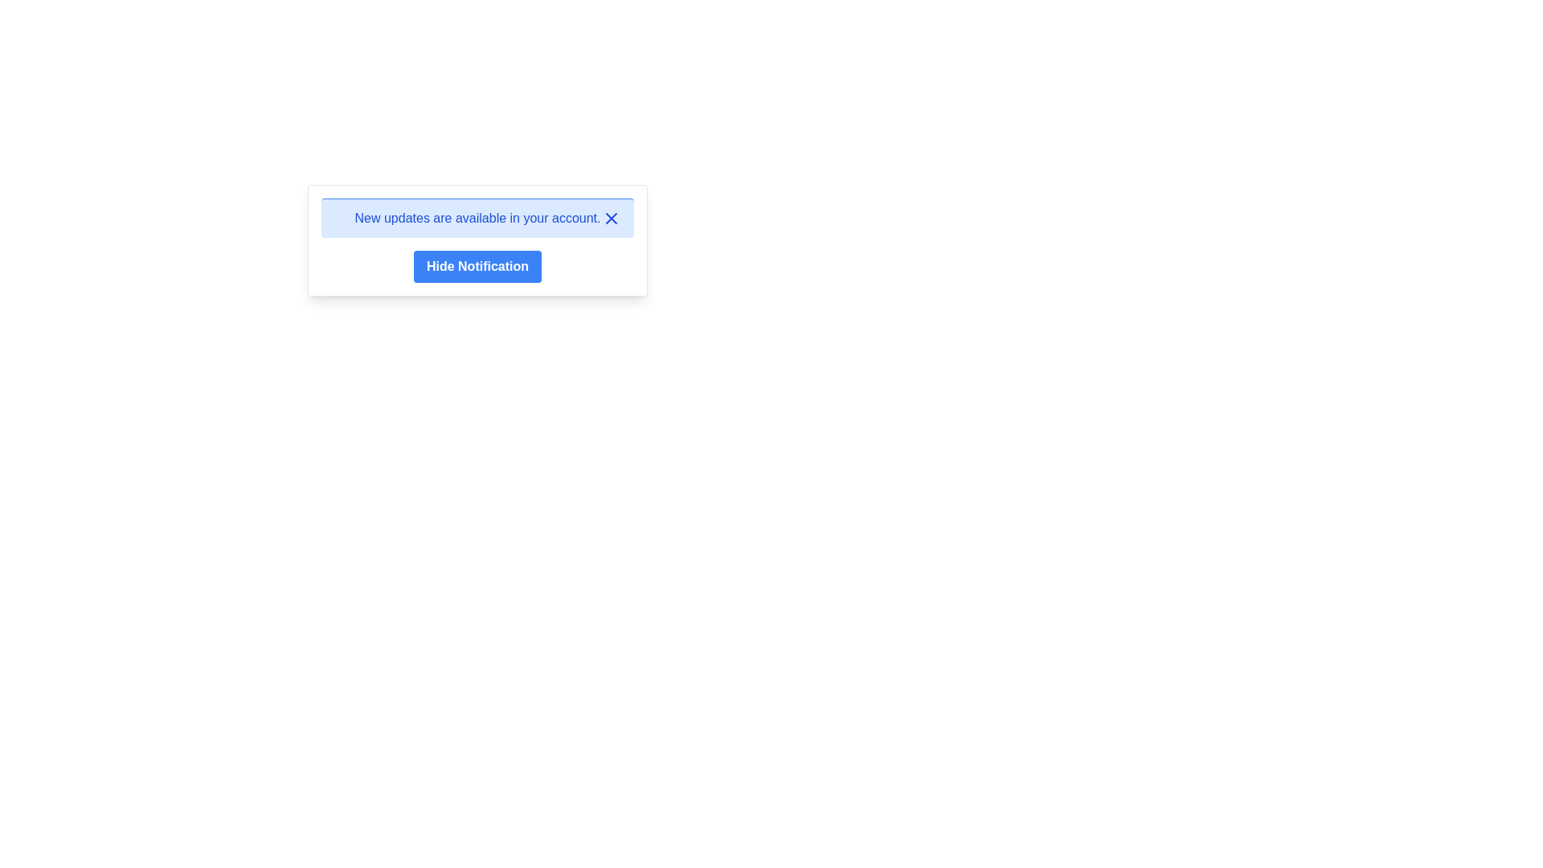 This screenshot has width=1543, height=868. I want to click on the close button styled as an 'X' icon in blue color located at the top-right corner of the notification box, so click(611, 219).